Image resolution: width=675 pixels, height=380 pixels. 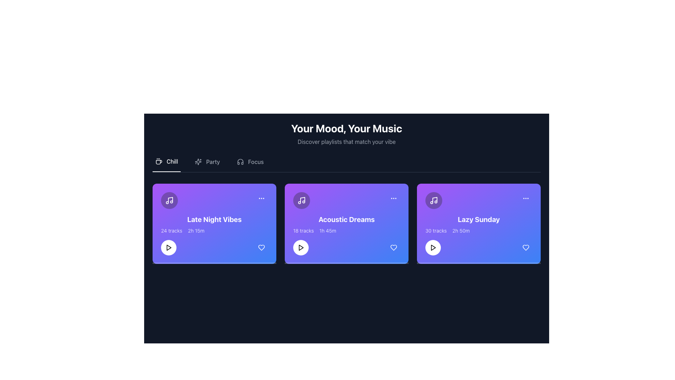 I want to click on the play button located at the bottom-left corner of the 'Late Night Vibes' playlist card for keyboard interaction, so click(x=169, y=247).